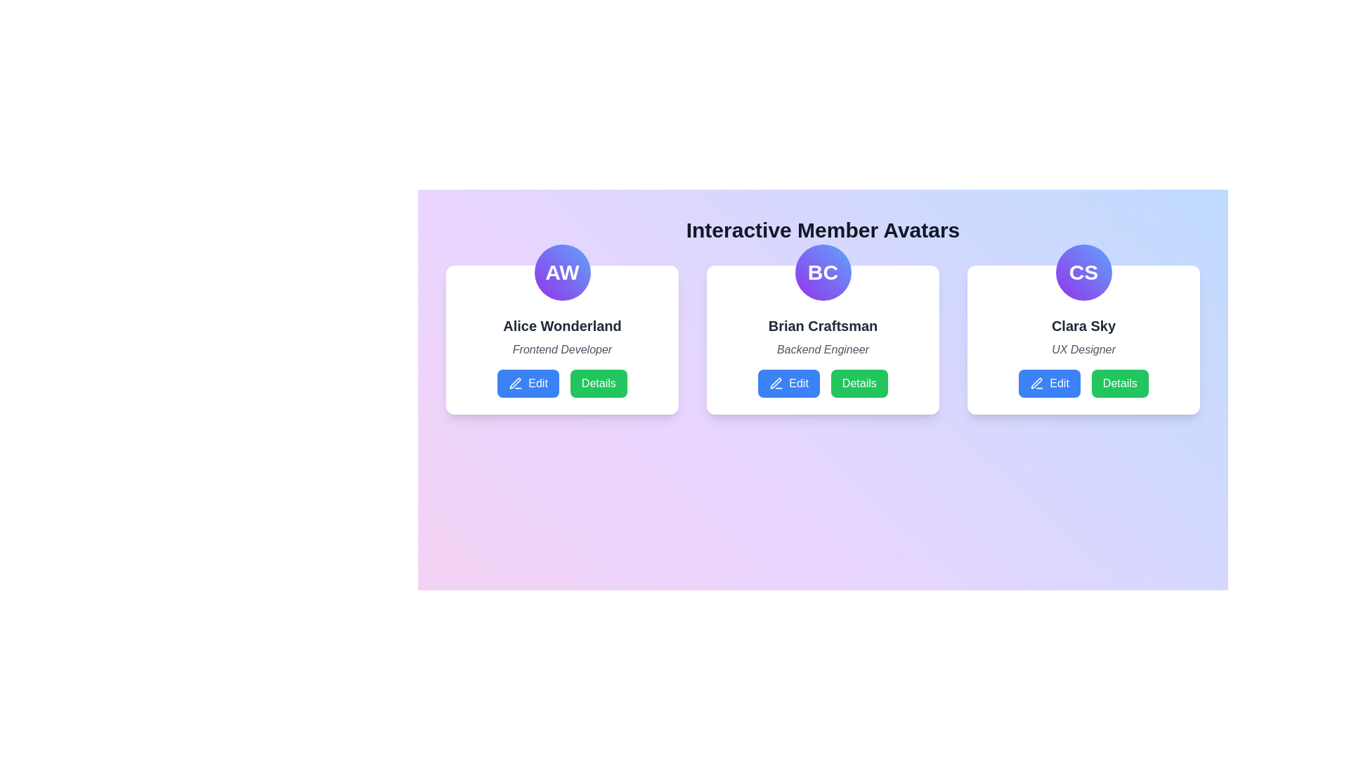  What do you see at coordinates (776, 384) in the screenshot?
I see `the 'Edit' icon within the button for 'Brian Craftsman', the middle card in the horizontal list of three cards` at bounding box center [776, 384].